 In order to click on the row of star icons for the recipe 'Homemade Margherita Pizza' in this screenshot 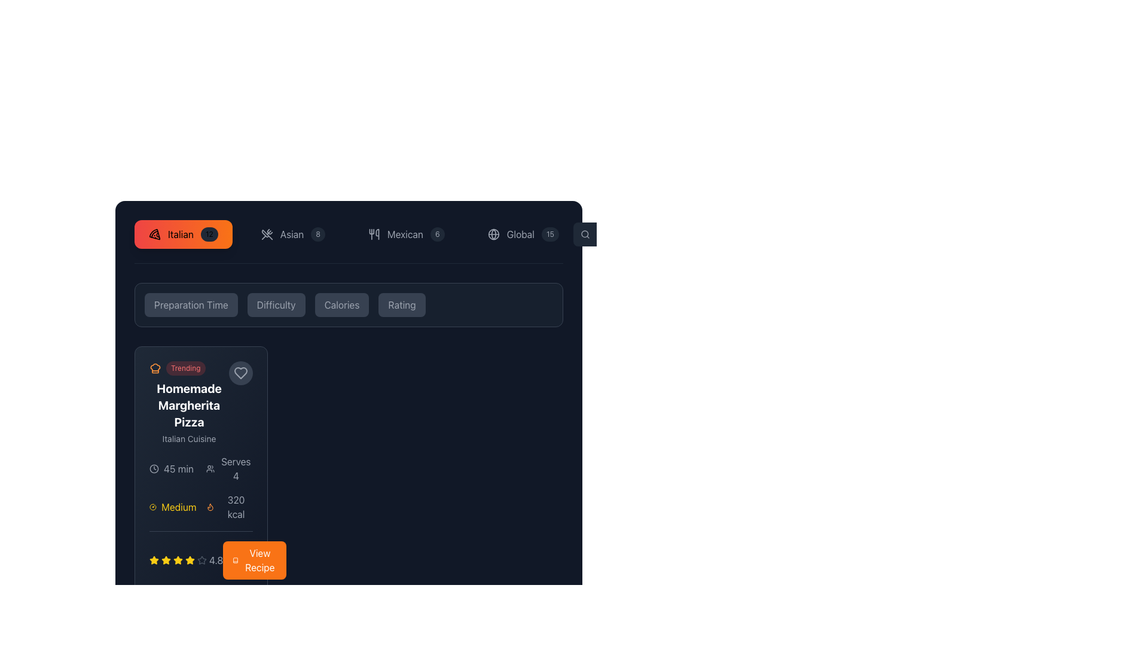, I will do `click(185, 560)`.